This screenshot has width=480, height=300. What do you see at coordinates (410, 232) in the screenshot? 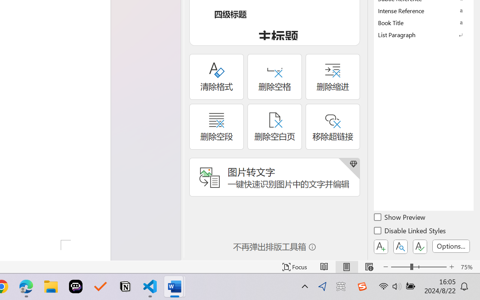
I see `'Disable Linked Styles'` at bounding box center [410, 232].